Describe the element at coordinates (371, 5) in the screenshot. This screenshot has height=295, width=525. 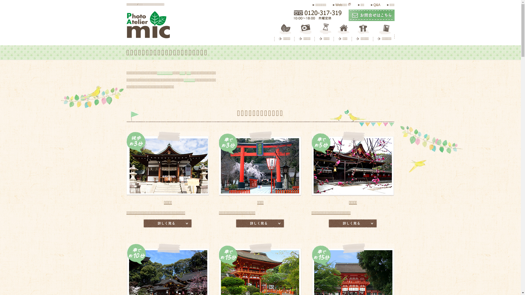
I see `'Q&A'` at that location.